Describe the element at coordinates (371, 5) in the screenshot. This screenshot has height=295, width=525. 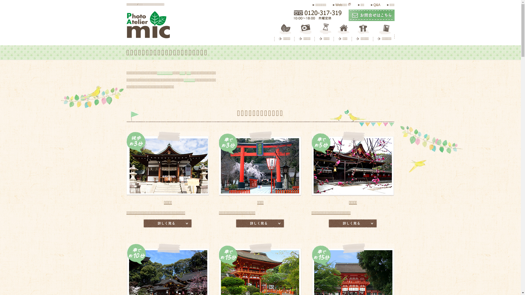
I see `'Q&A'` at that location.